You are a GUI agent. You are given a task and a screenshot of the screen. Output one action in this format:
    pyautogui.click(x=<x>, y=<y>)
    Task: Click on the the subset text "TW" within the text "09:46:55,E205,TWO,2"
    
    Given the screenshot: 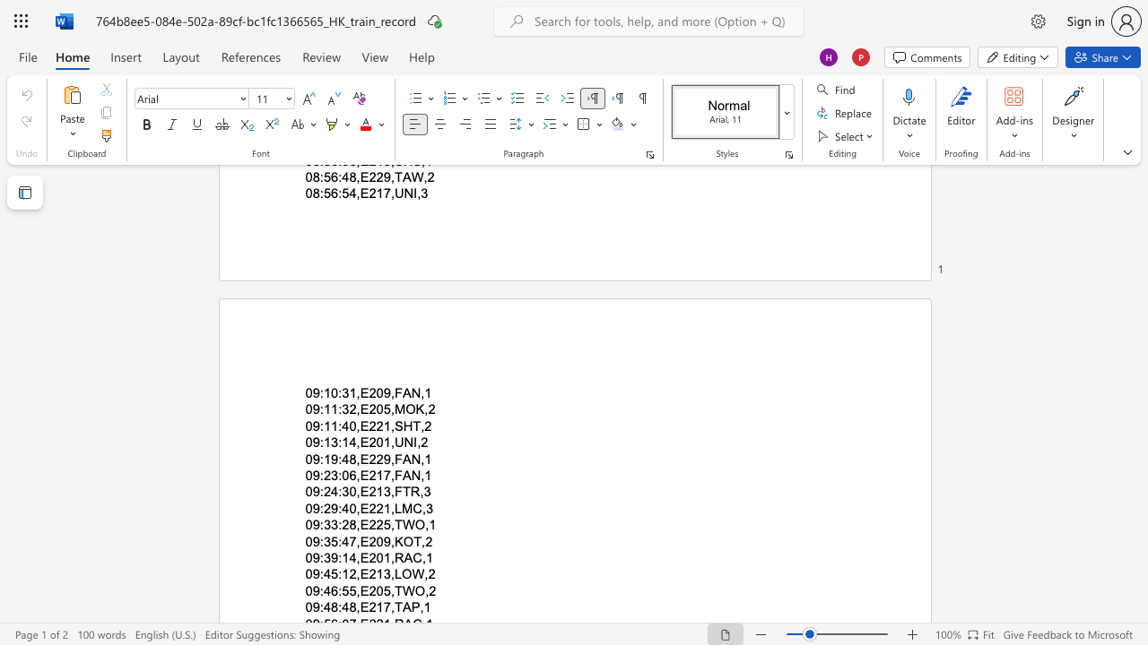 What is the action you would take?
    pyautogui.click(x=393, y=590)
    